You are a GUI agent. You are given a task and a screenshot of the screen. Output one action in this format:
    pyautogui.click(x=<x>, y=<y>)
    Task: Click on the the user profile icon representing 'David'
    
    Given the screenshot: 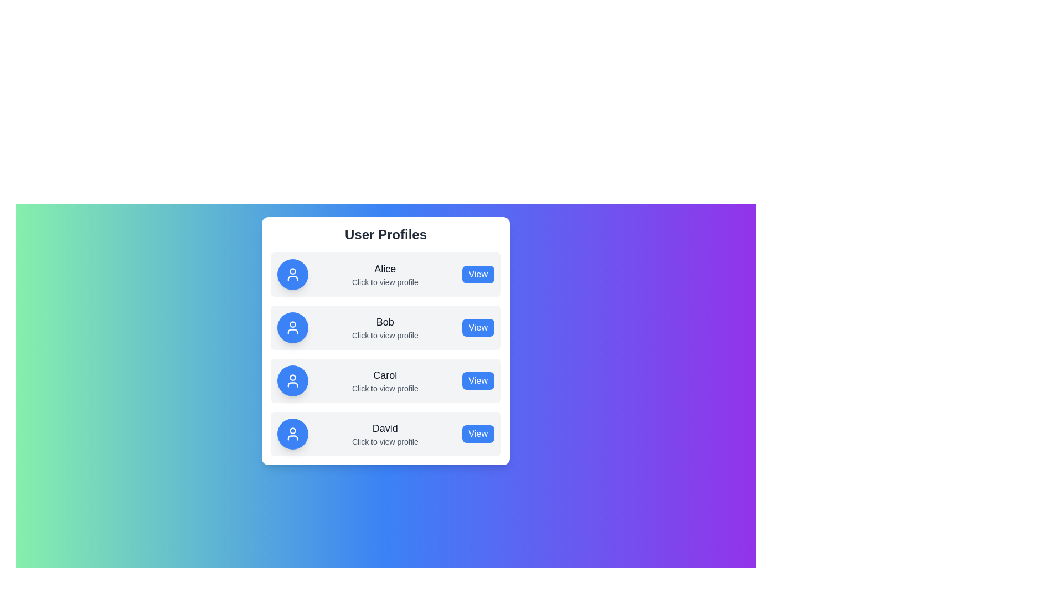 What is the action you would take?
    pyautogui.click(x=292, y=433)
    